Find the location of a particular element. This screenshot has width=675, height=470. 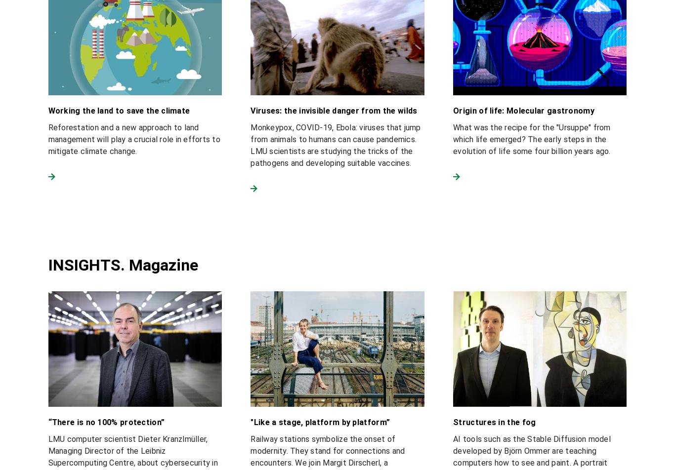

'“There is no 100% protection”' is located at coordinates (106, 422).